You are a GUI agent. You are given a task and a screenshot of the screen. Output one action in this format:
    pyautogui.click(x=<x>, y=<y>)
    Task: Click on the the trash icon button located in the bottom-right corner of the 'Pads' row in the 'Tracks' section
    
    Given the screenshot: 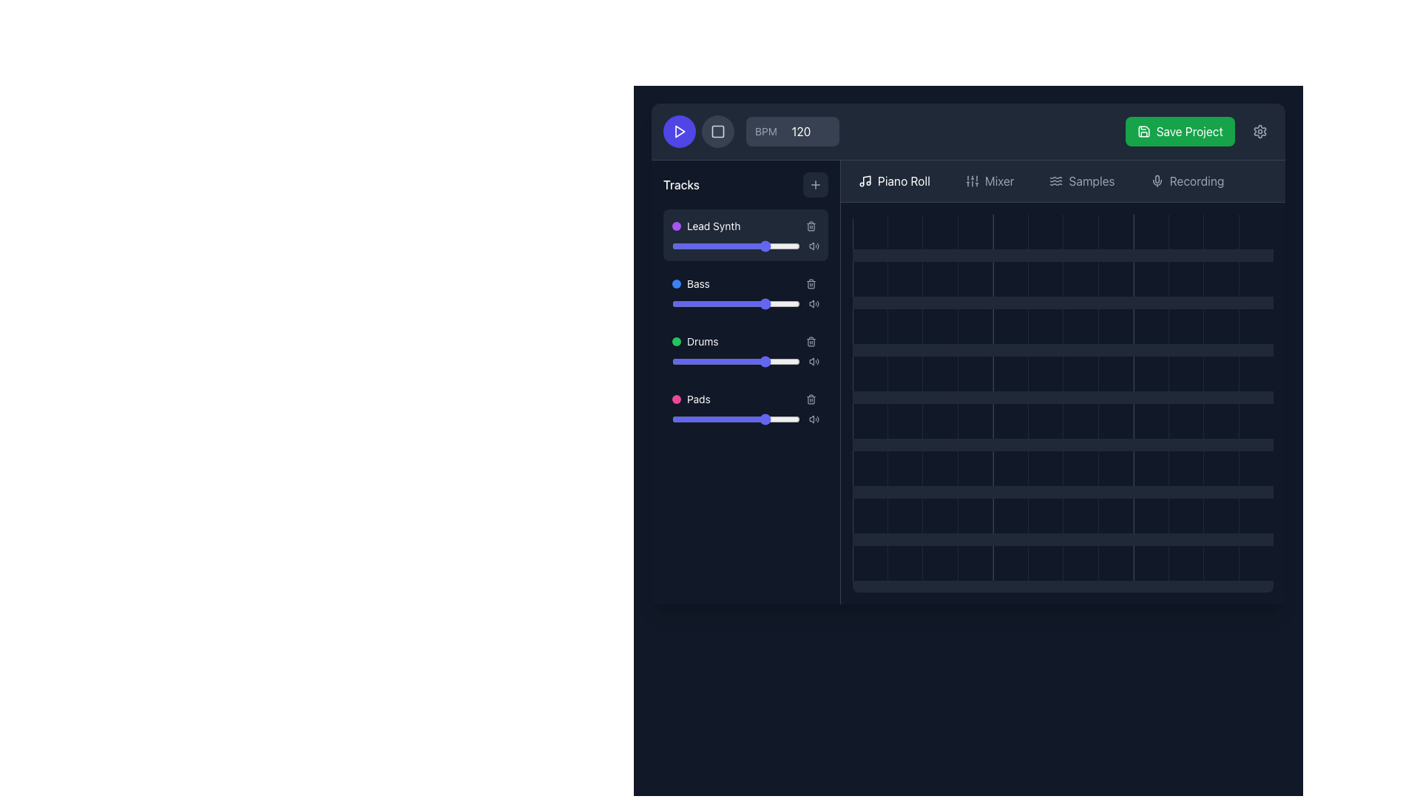 What is the action you would take?
    pyautogui.click(x=811, y=399)
    